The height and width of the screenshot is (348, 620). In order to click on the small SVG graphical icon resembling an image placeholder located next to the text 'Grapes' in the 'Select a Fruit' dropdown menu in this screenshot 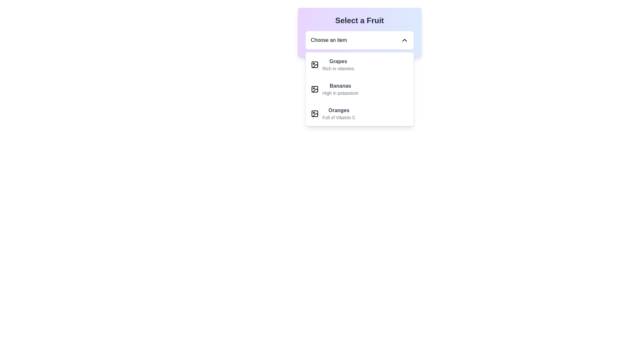, I will do `click(315, 64)`.